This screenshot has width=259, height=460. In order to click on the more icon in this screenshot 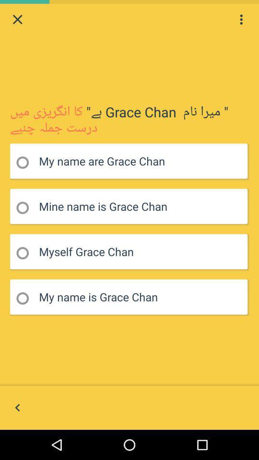, I will do `click(241, 20)`.